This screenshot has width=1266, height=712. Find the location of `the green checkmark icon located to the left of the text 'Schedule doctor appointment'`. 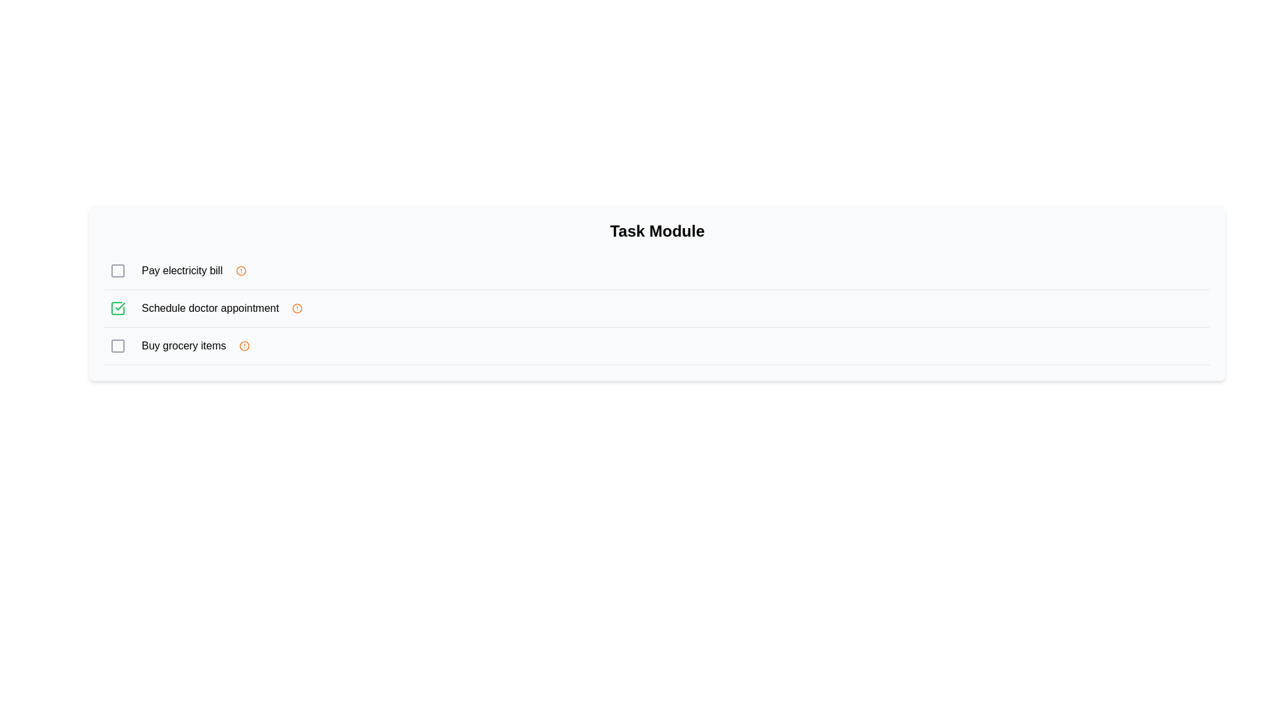

the green checkmark icon located to the left of the text 'Schedule doctor appointment' is located at coordinates (117, 308).